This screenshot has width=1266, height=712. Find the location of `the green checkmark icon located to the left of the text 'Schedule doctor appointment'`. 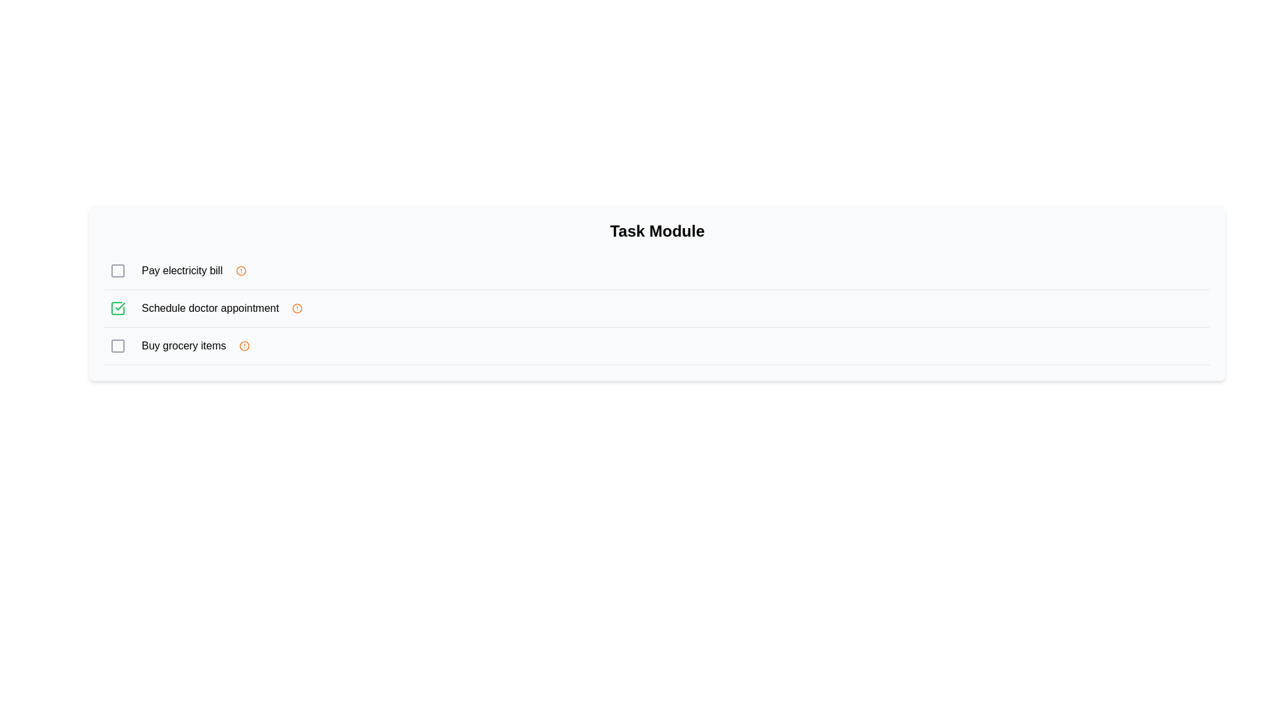

the green checkmark icon located to the left of the text 'Schedule doctor appointment' is located at coordinates (117, 308).